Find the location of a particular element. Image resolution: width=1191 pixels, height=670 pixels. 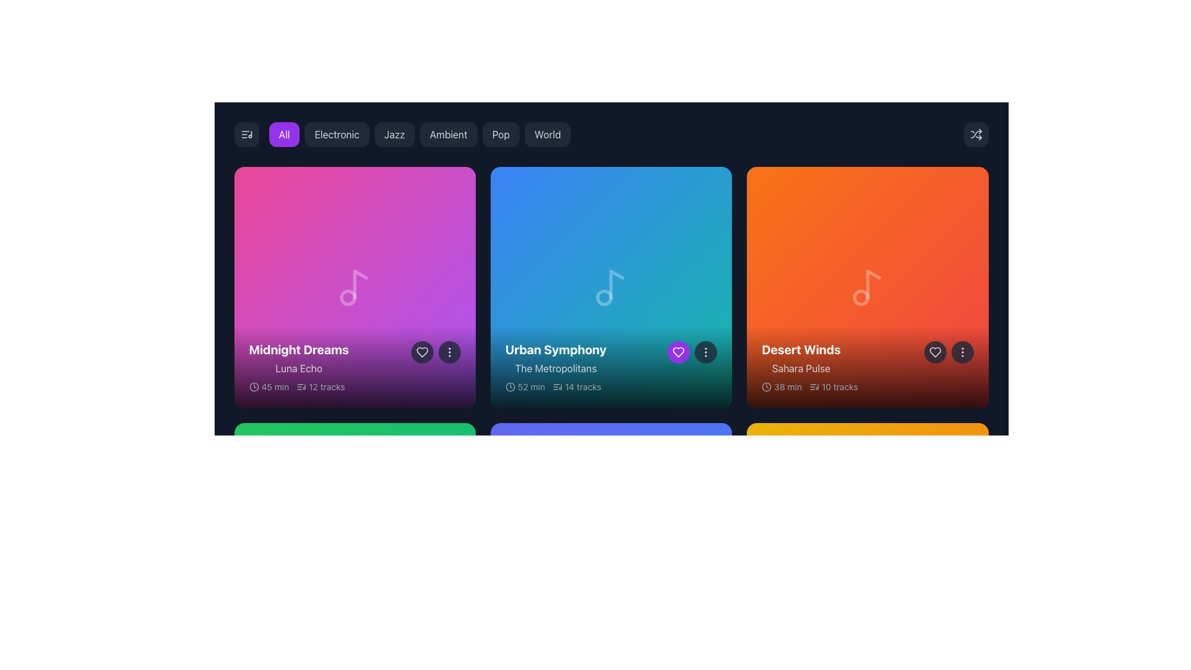

the 'Jazz' button, which is a rectangular button with rounded corners, containing light gray text on a dark gray background, to filter content by Jazz is located at coordinates (394, 134).